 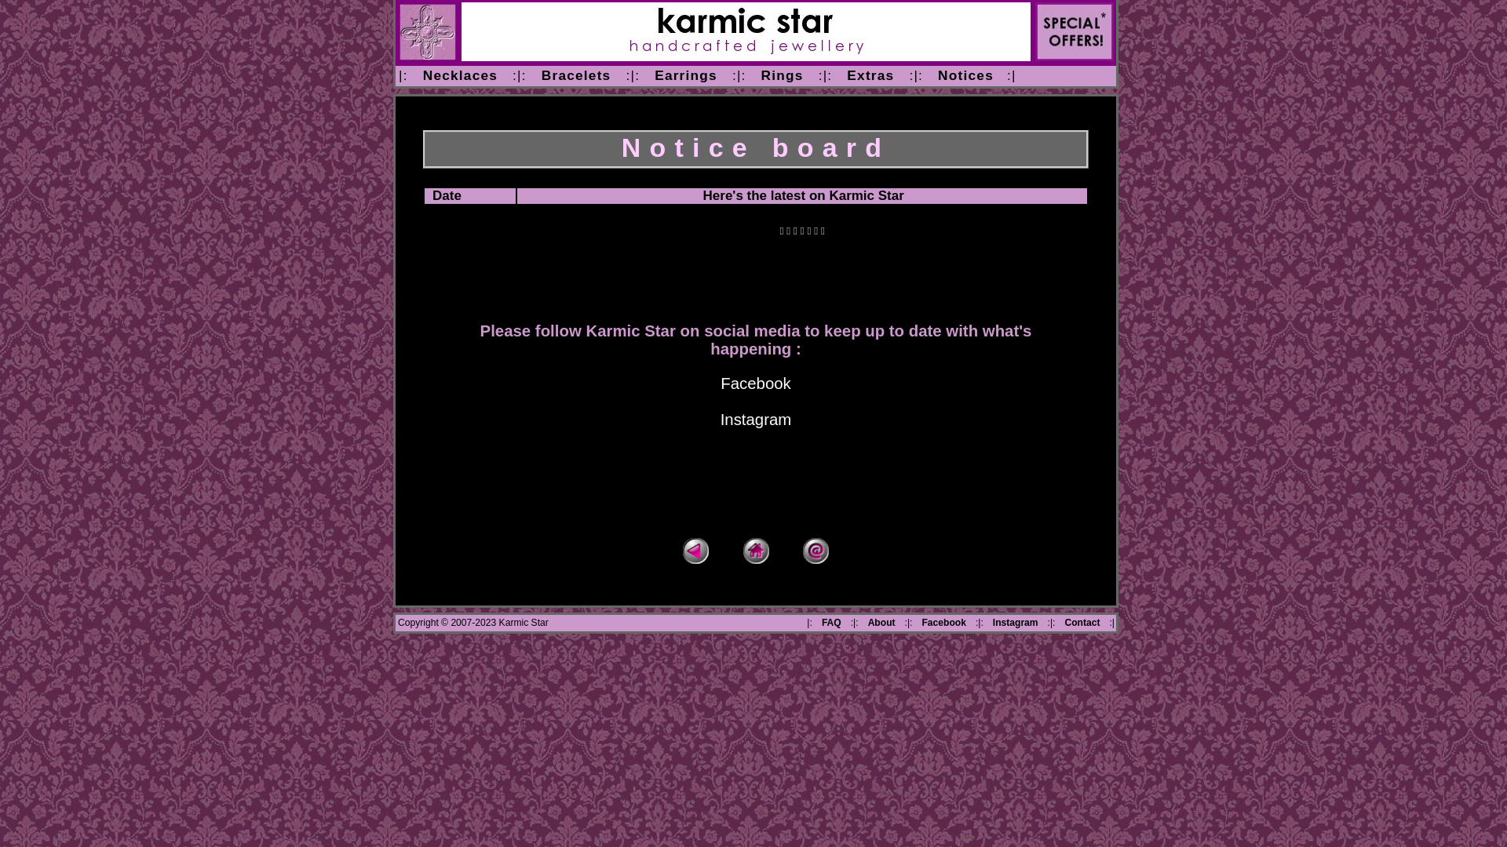 I want to click on 'Instagram', so click(x=719, y=419).